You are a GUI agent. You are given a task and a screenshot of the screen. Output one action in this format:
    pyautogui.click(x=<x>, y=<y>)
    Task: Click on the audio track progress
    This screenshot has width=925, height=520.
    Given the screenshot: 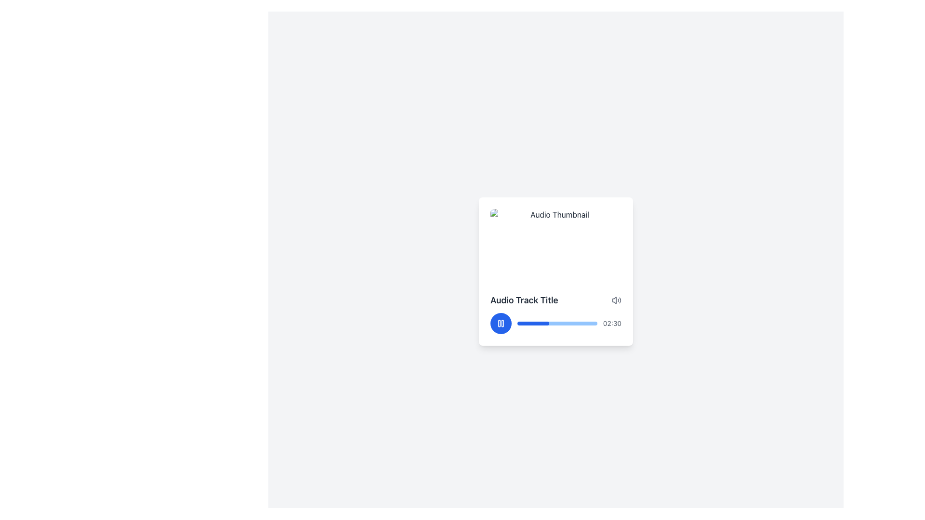 What is the action you would take?
    pyautogui.click(x=526, y=323)
    